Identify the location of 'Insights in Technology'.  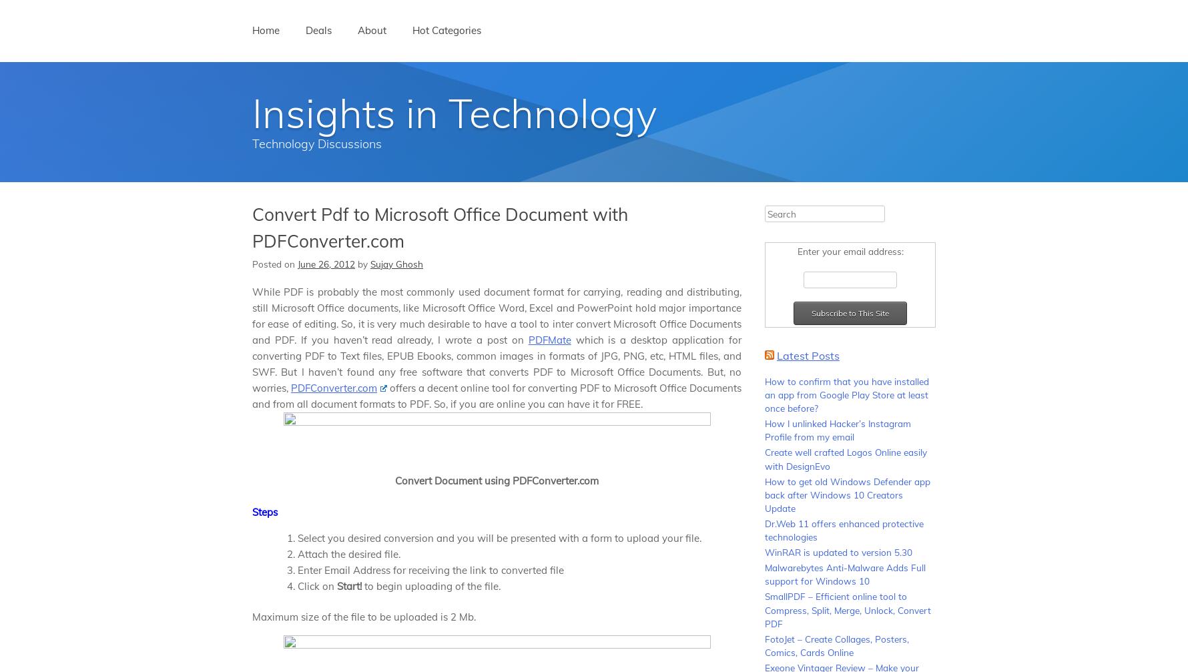
(252, 112).